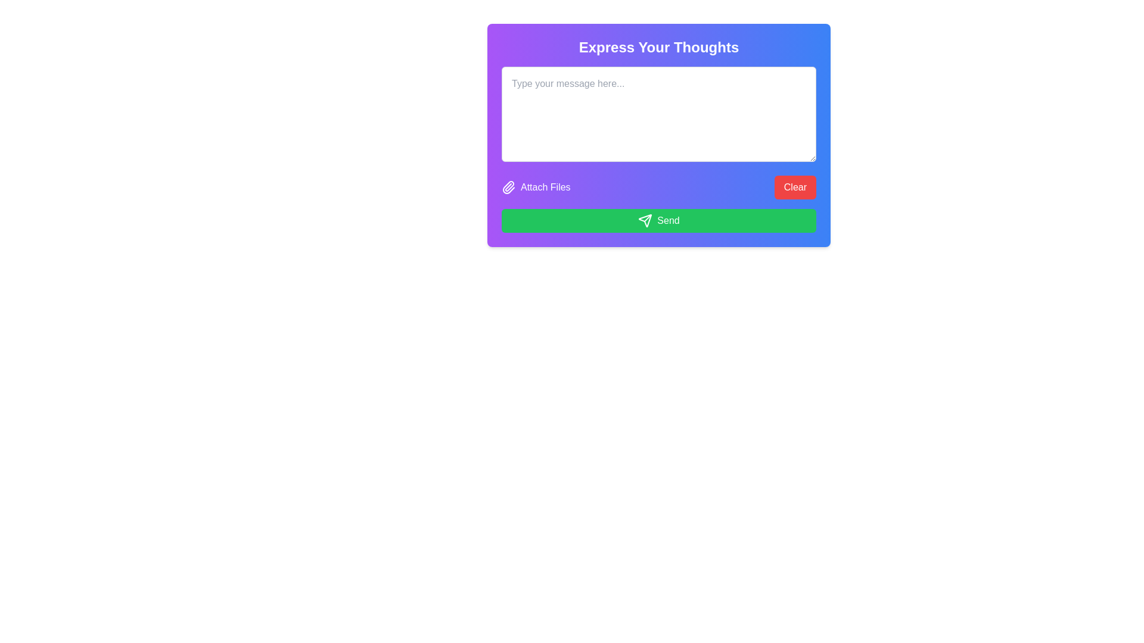 The width and height of the screenshot is (1144, 643). Describe the element at coordinates (509, 188) in the screenshot. I see `the file attachment icon located to the left of the 'Attach Files' text at the bottom-left corner of the purple card` at that location.